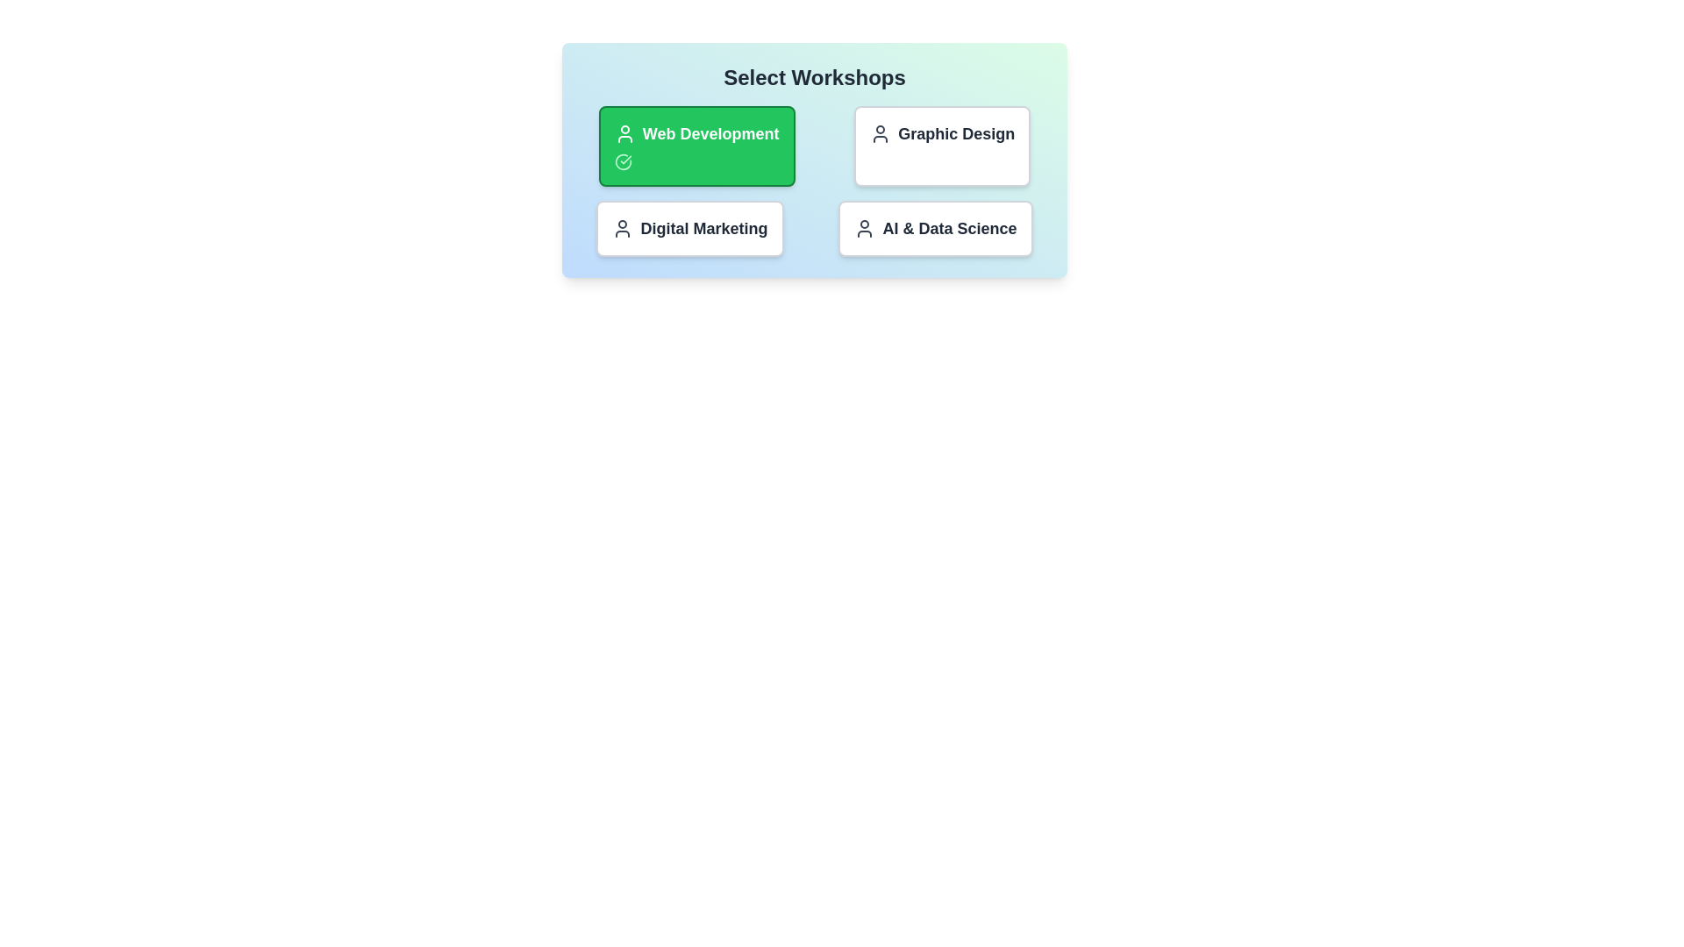  I want to click on the workshop titled Web Development to toggle its selection state, so click(696, 145).